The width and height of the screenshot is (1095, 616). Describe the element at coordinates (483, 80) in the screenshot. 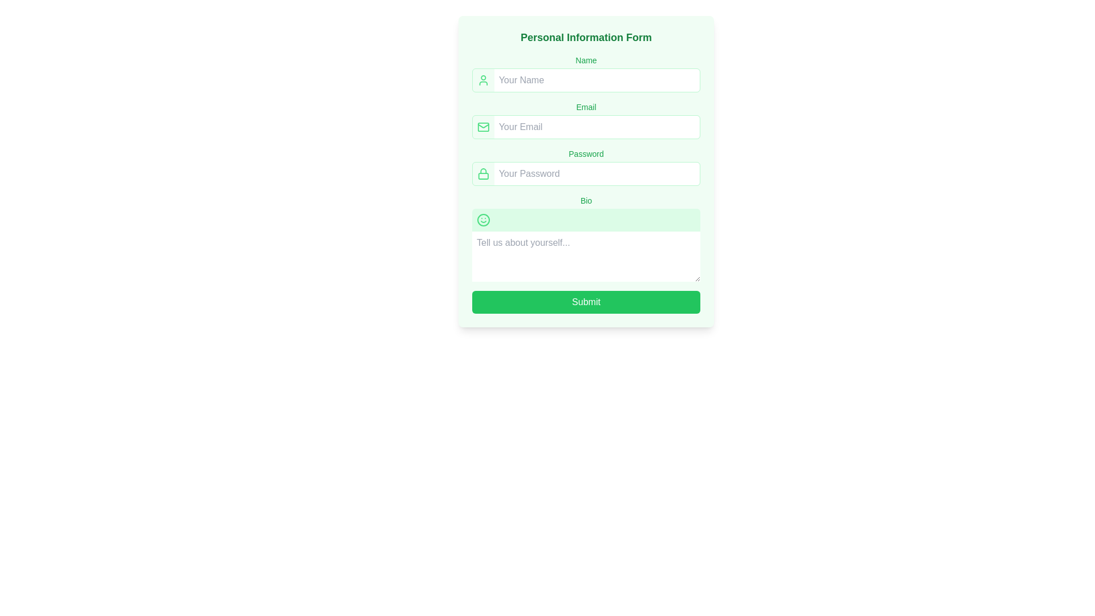

I see `the personal information icon located to the left of the 'Your Name' input field within the 'Name' section of the form` at that location.